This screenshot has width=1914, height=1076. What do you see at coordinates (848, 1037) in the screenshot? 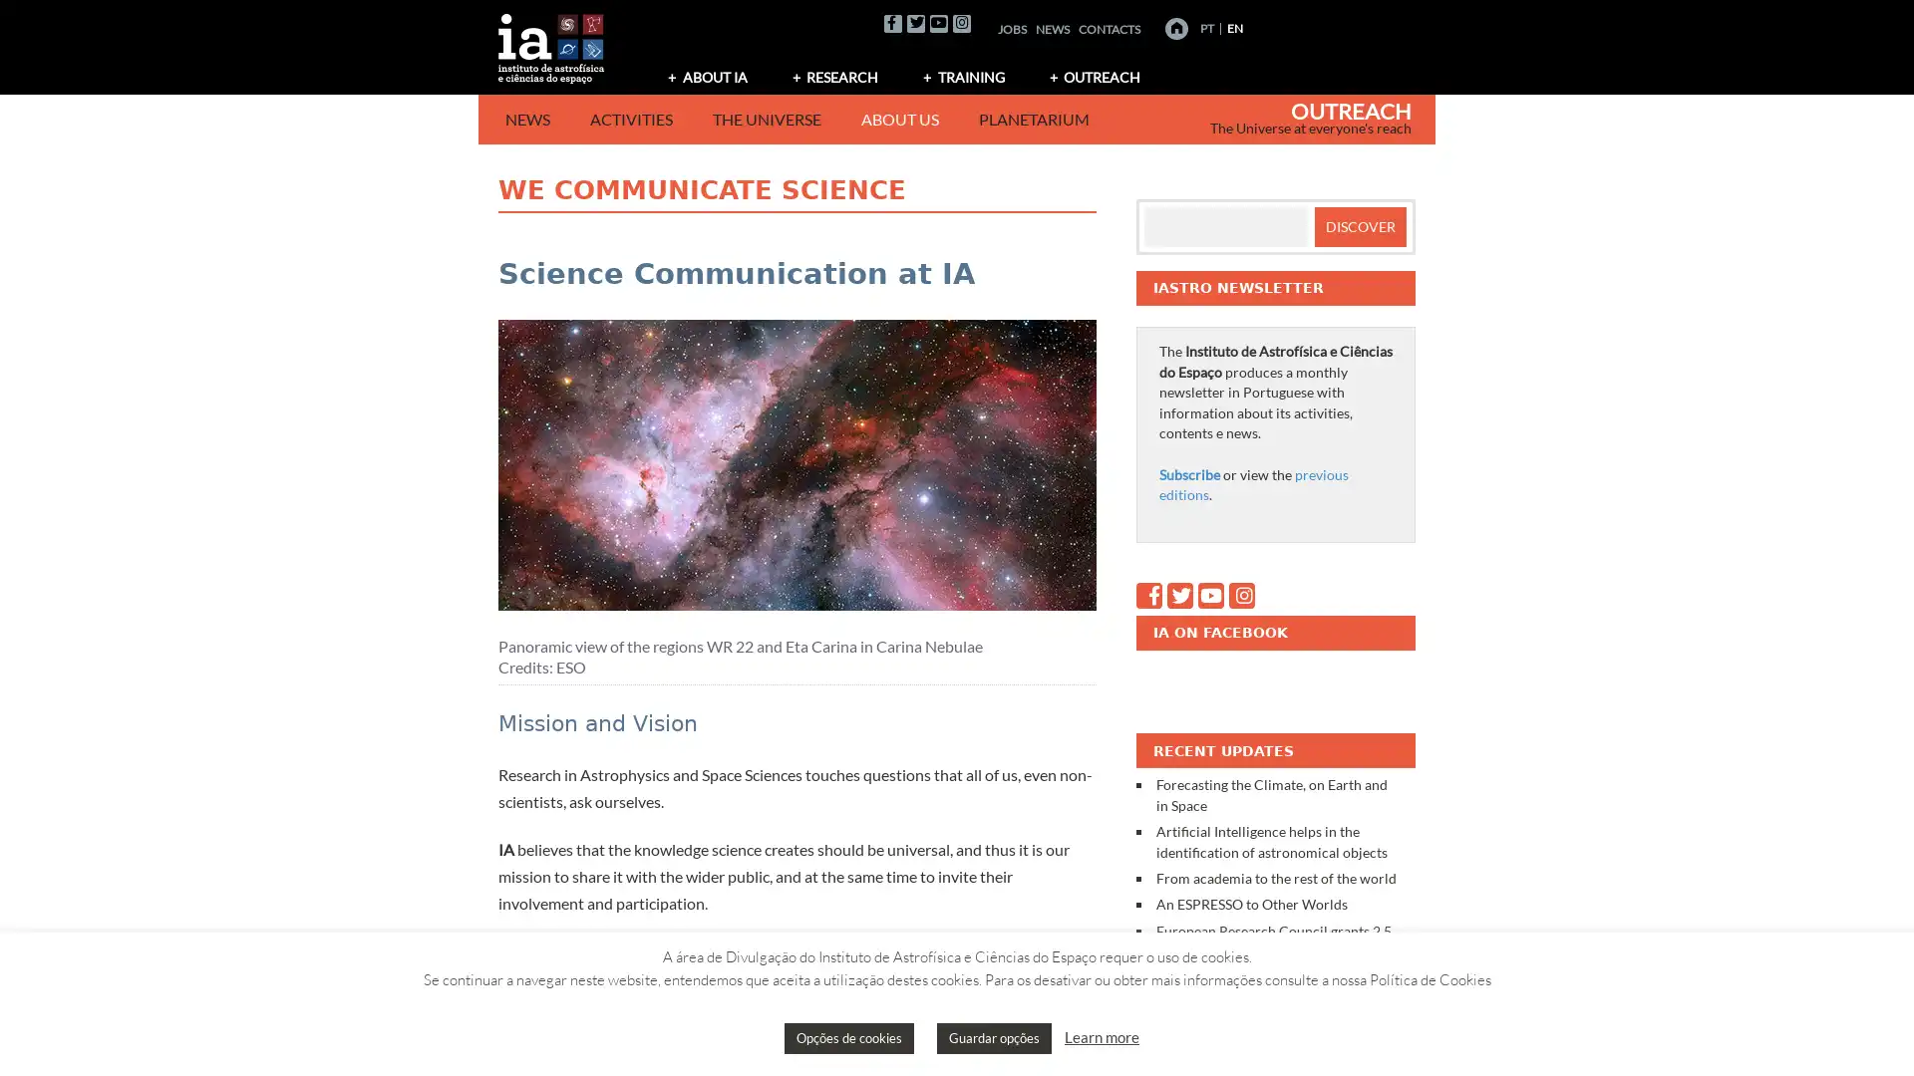
I see `Opcoes de cookies` at bounding box center [848, 1037].